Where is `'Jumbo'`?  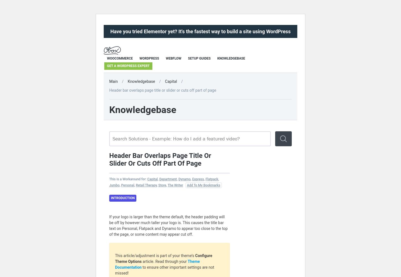 'Jumbo' is located at coordinates (114, 185).